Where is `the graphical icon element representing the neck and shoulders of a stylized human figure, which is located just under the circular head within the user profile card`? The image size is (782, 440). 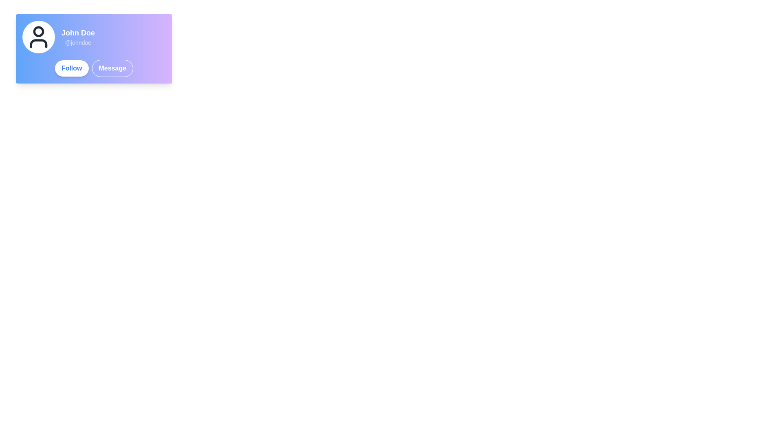
the graphical icon element representing the neck and shoulders of a stylized human figure, which is located just under the circular head within the user profile card is located at coordinates (38, 44).